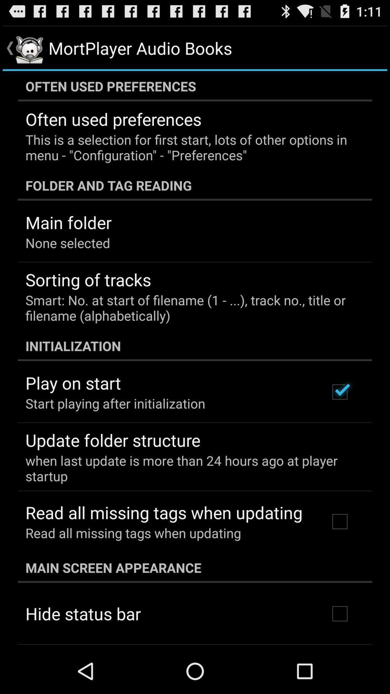  Describe the element at coordinates (68, 243) in the screenshot. I see `the item below the main folder app` at that location.